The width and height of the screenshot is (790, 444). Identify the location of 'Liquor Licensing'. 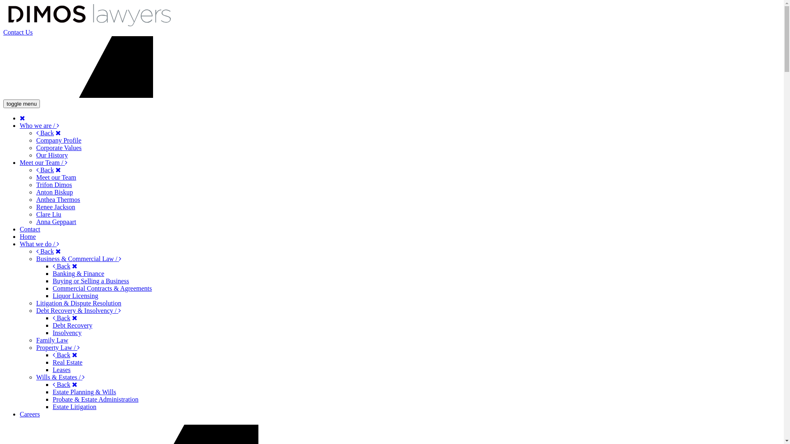
(75, 295).